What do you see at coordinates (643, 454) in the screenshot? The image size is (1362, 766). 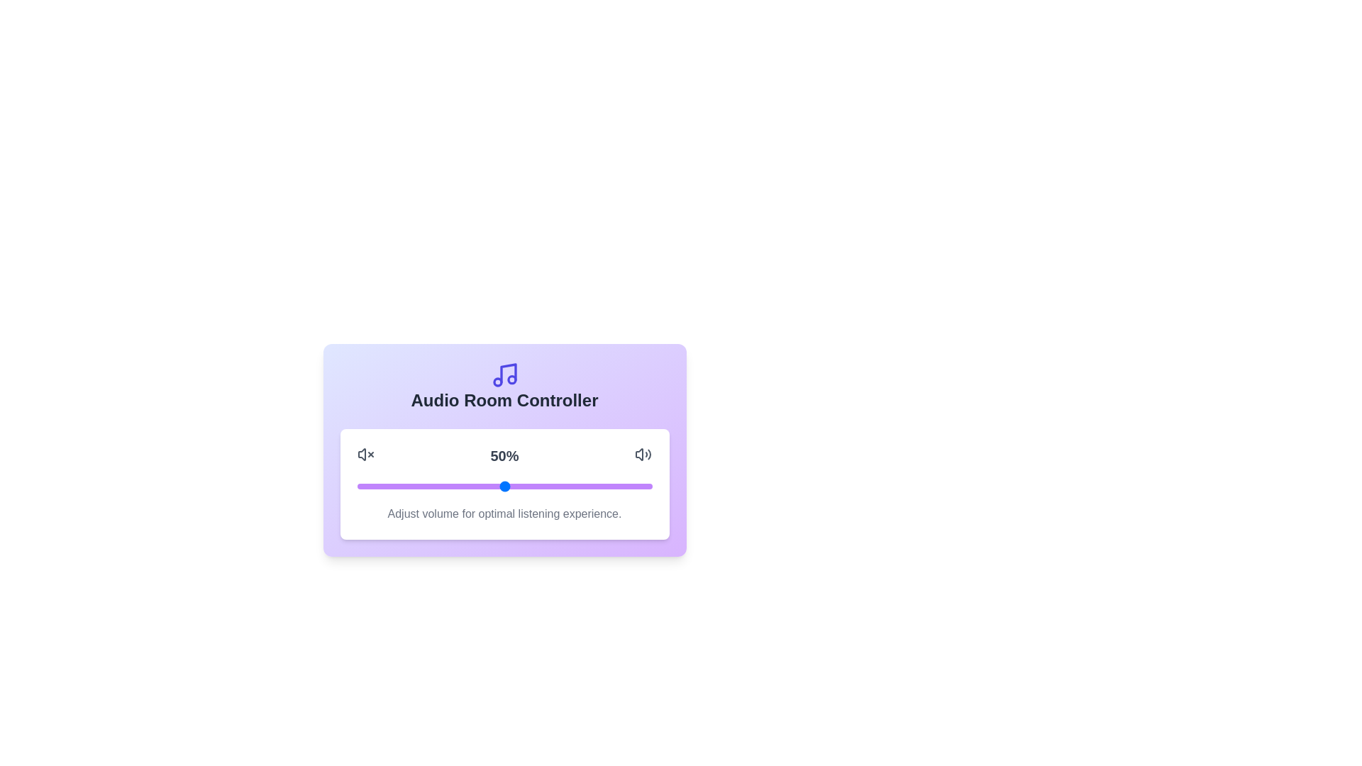 I see `the unmute icon to unmute the audio` at bounding box center [643, 454].